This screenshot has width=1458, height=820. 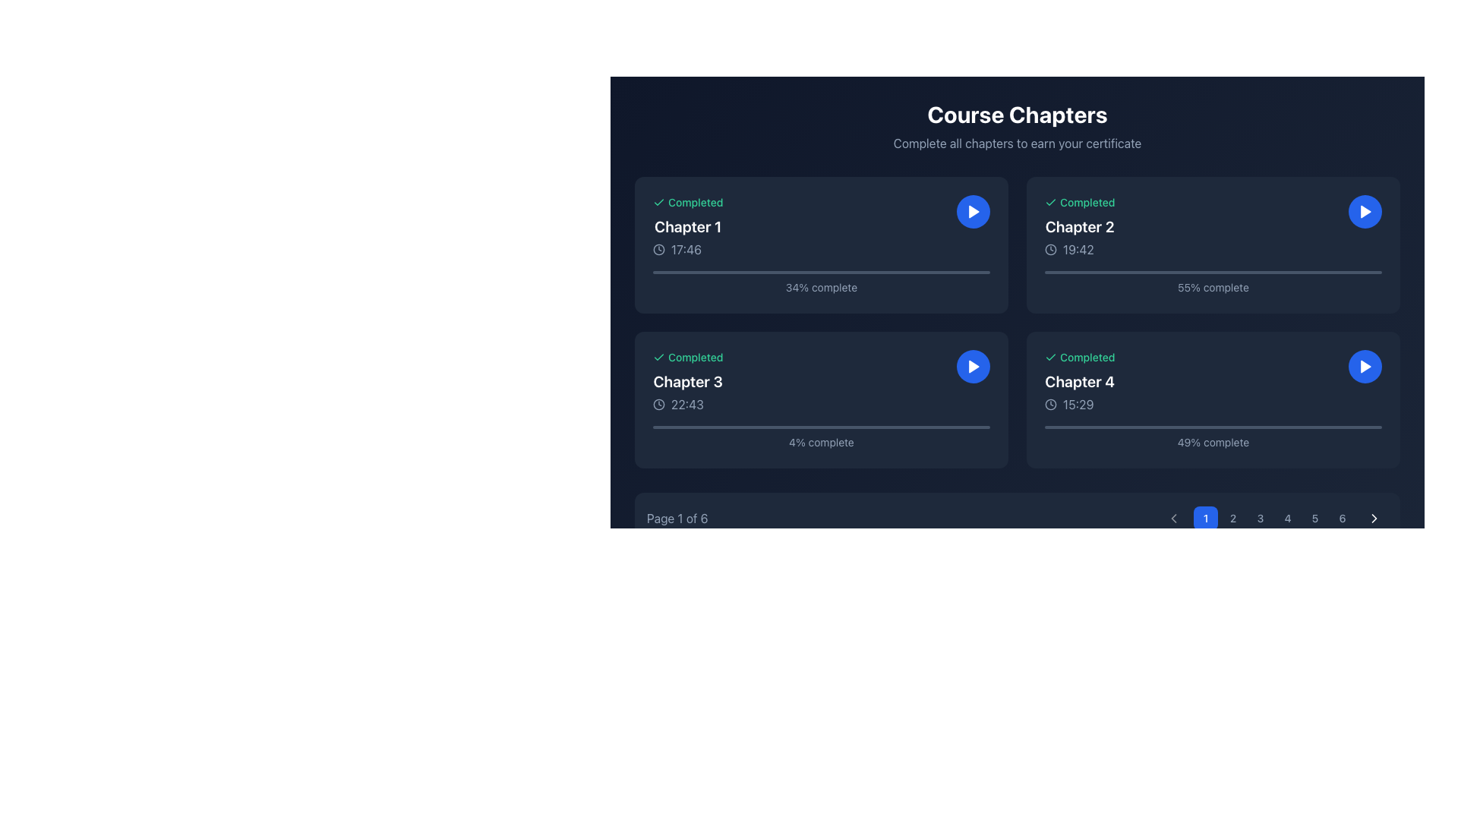 What do you see at coordinates (820, 283) in the screenshot?
I see `the Progress indicator for Chapter 1, which displays that it is 34% complete` at bounding box center [820, 283].